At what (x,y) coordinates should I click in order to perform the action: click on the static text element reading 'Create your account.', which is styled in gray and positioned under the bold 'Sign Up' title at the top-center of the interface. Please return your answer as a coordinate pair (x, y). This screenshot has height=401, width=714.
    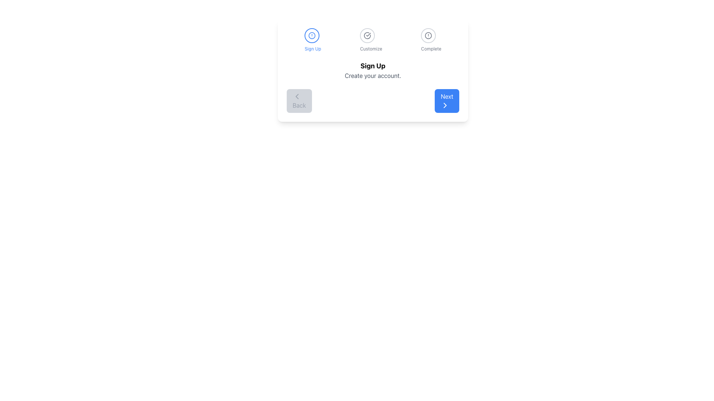
    Looking at the image, I should click on (373, 76).